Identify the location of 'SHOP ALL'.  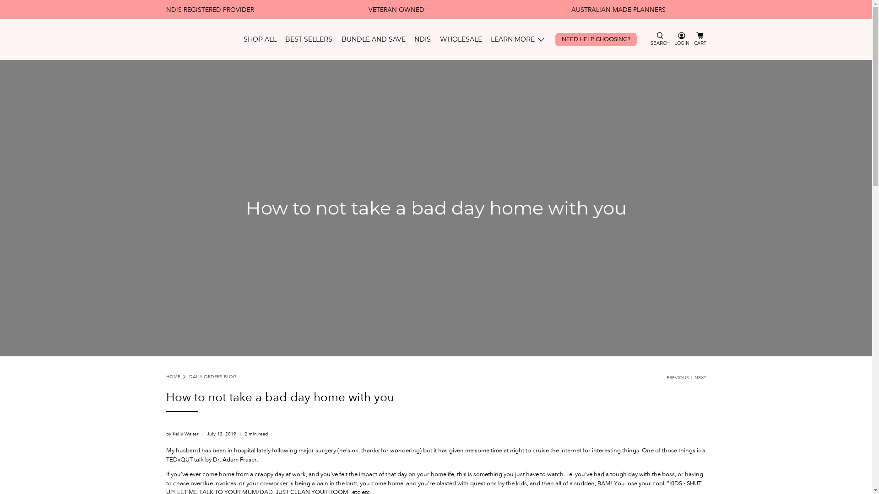
(259, 39).